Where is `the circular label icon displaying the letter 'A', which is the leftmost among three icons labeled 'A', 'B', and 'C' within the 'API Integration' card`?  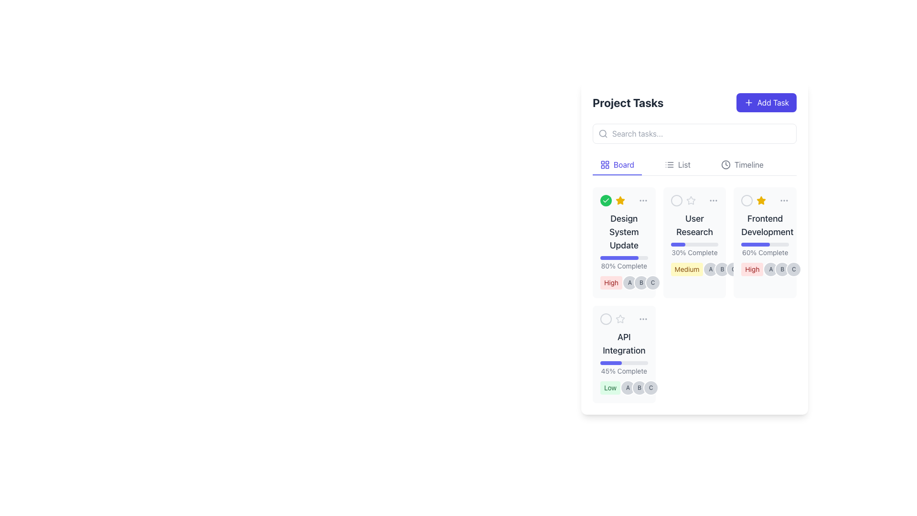
the circular label icon displaying the letter 'A', which is the leftmost among three icons labeled 'A', 'B', and 'C' within the 'API Integration' card is located at coordinates (628, 388).